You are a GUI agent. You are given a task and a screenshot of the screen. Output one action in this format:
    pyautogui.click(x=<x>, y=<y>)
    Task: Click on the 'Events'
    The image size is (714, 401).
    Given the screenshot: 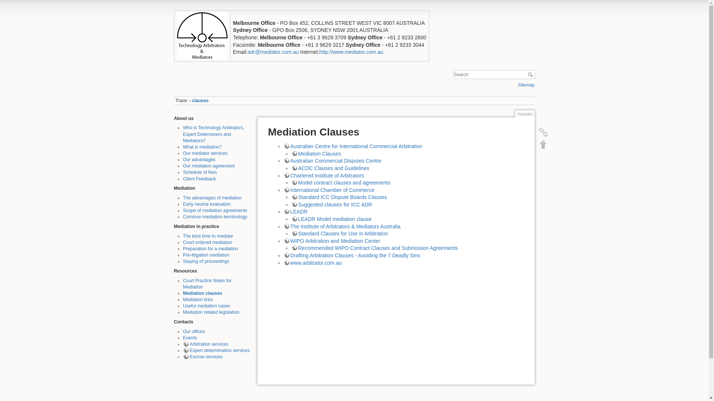 What is the action you would take?
    pyautogui.click(x=183, y=338)
    